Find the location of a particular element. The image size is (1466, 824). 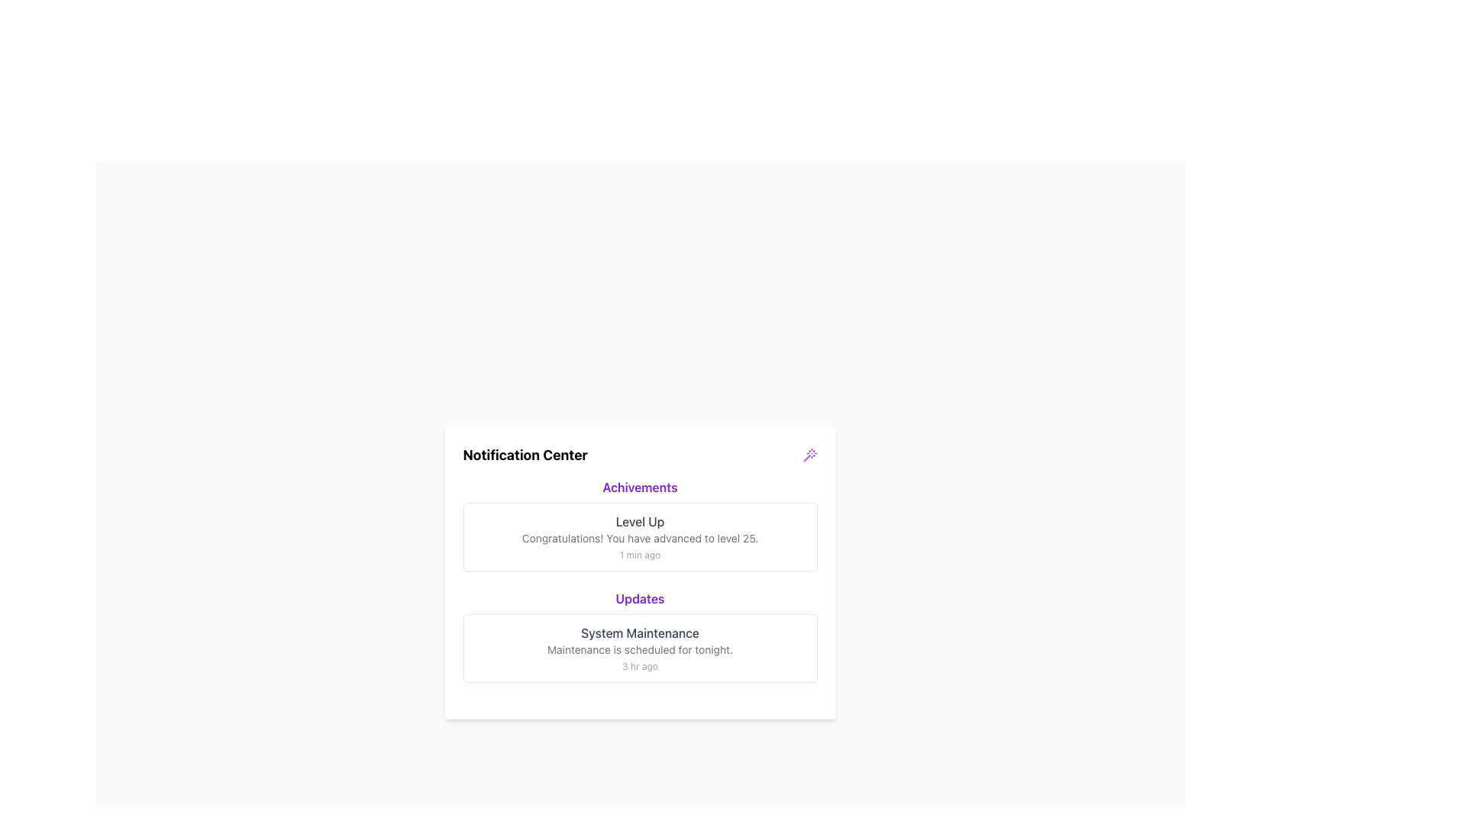

the informational text label conveying a message about scheduled maintenance, which is located within the 'System Maintenance' card in the Notification Center is located at coordinates (640, 650).